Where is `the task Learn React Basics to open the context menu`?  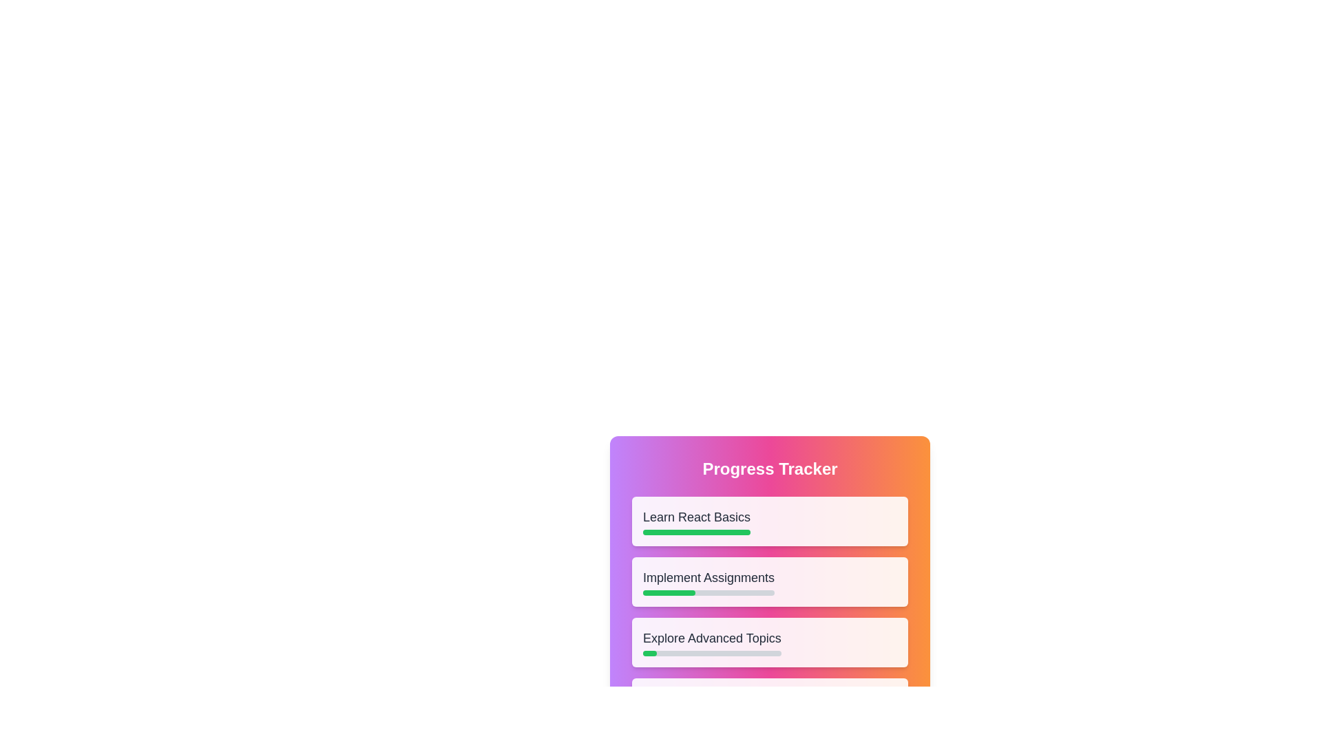
the task Learn React Basics to open the context menu is located at coordinates (769, 521).